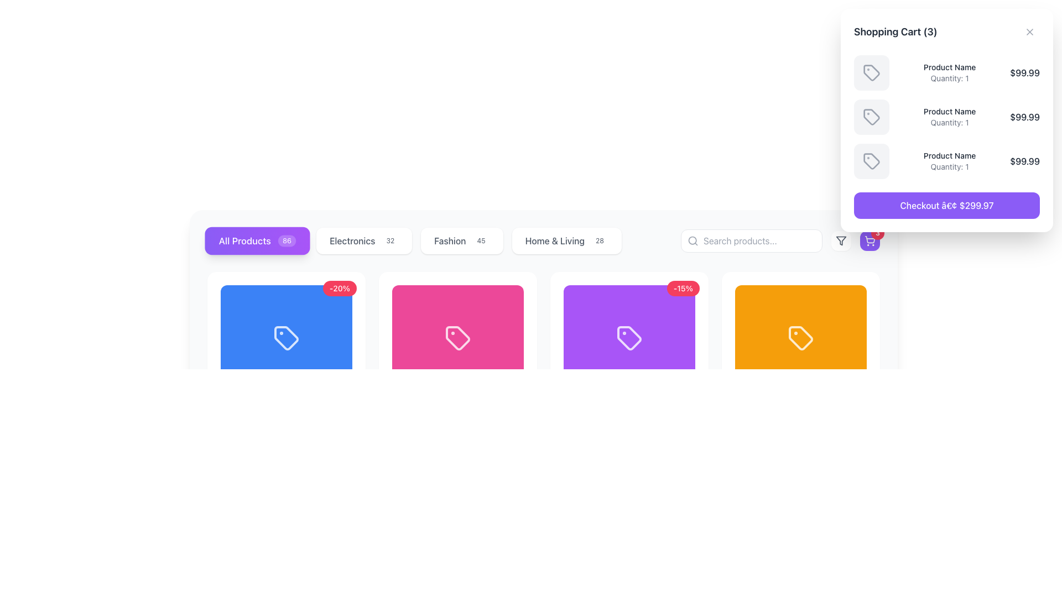  Describe the element at coordinates (555, 240) in the screenshot. I see `the 'Home & Living' text label which serves as a navigation option for filtering items in the category list` at that location.